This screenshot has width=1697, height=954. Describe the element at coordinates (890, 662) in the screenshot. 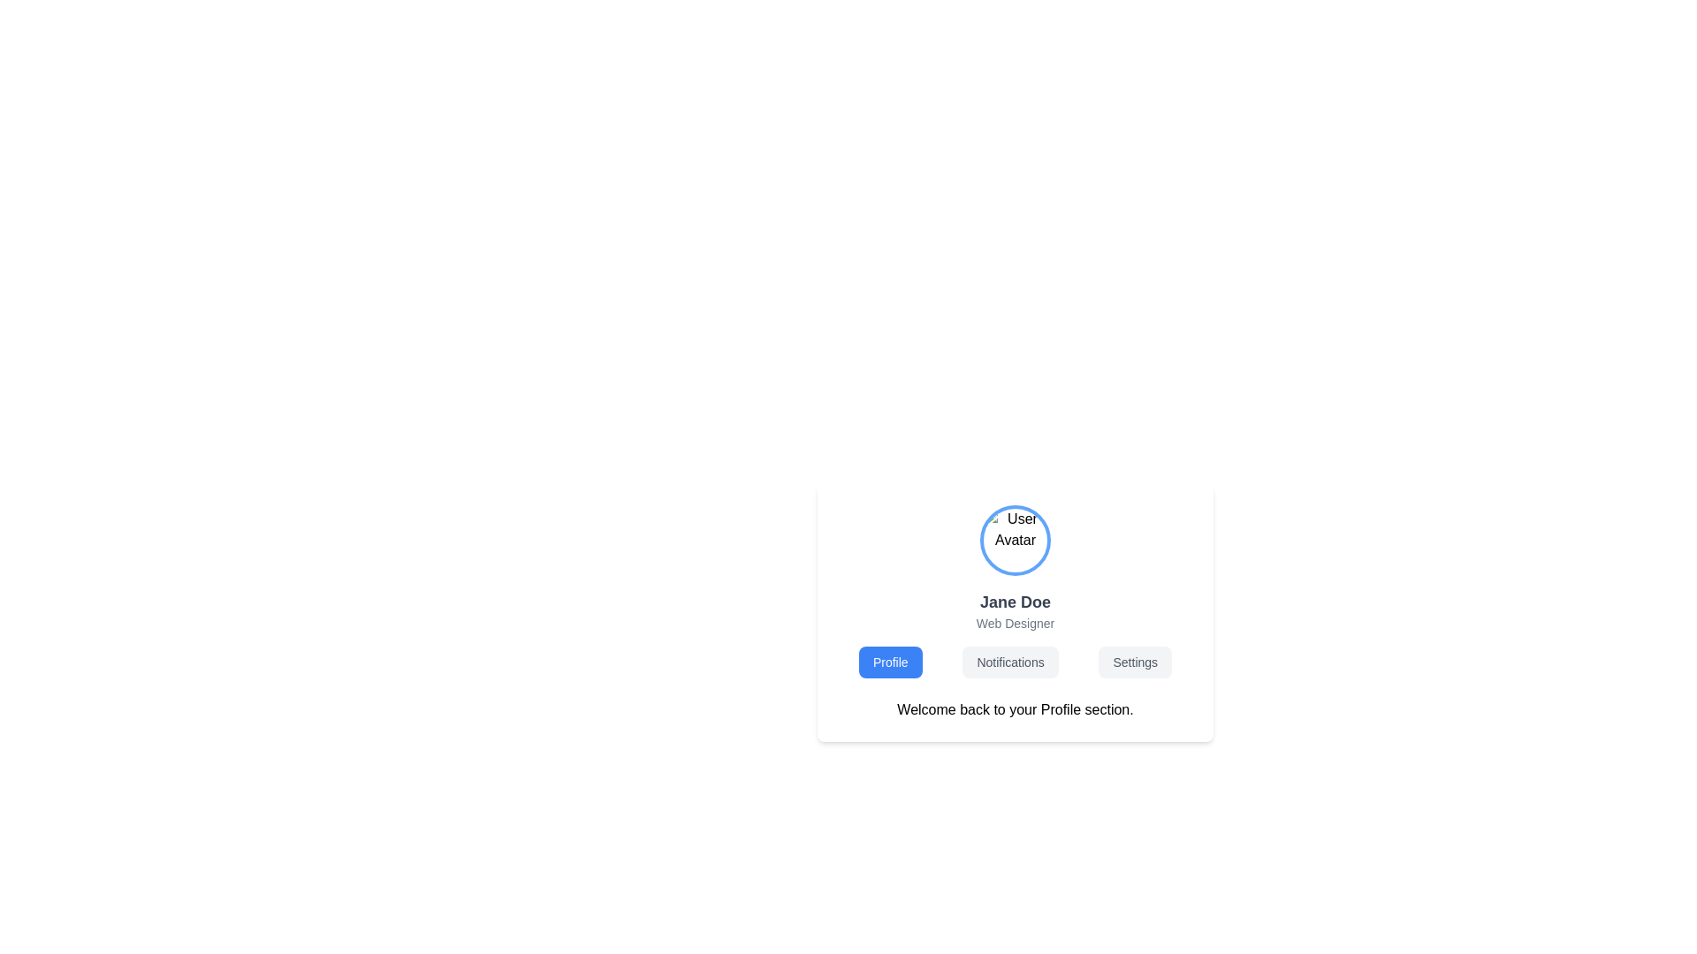

I see `the 'Profile' button, which has a blue background and white text` at that location.